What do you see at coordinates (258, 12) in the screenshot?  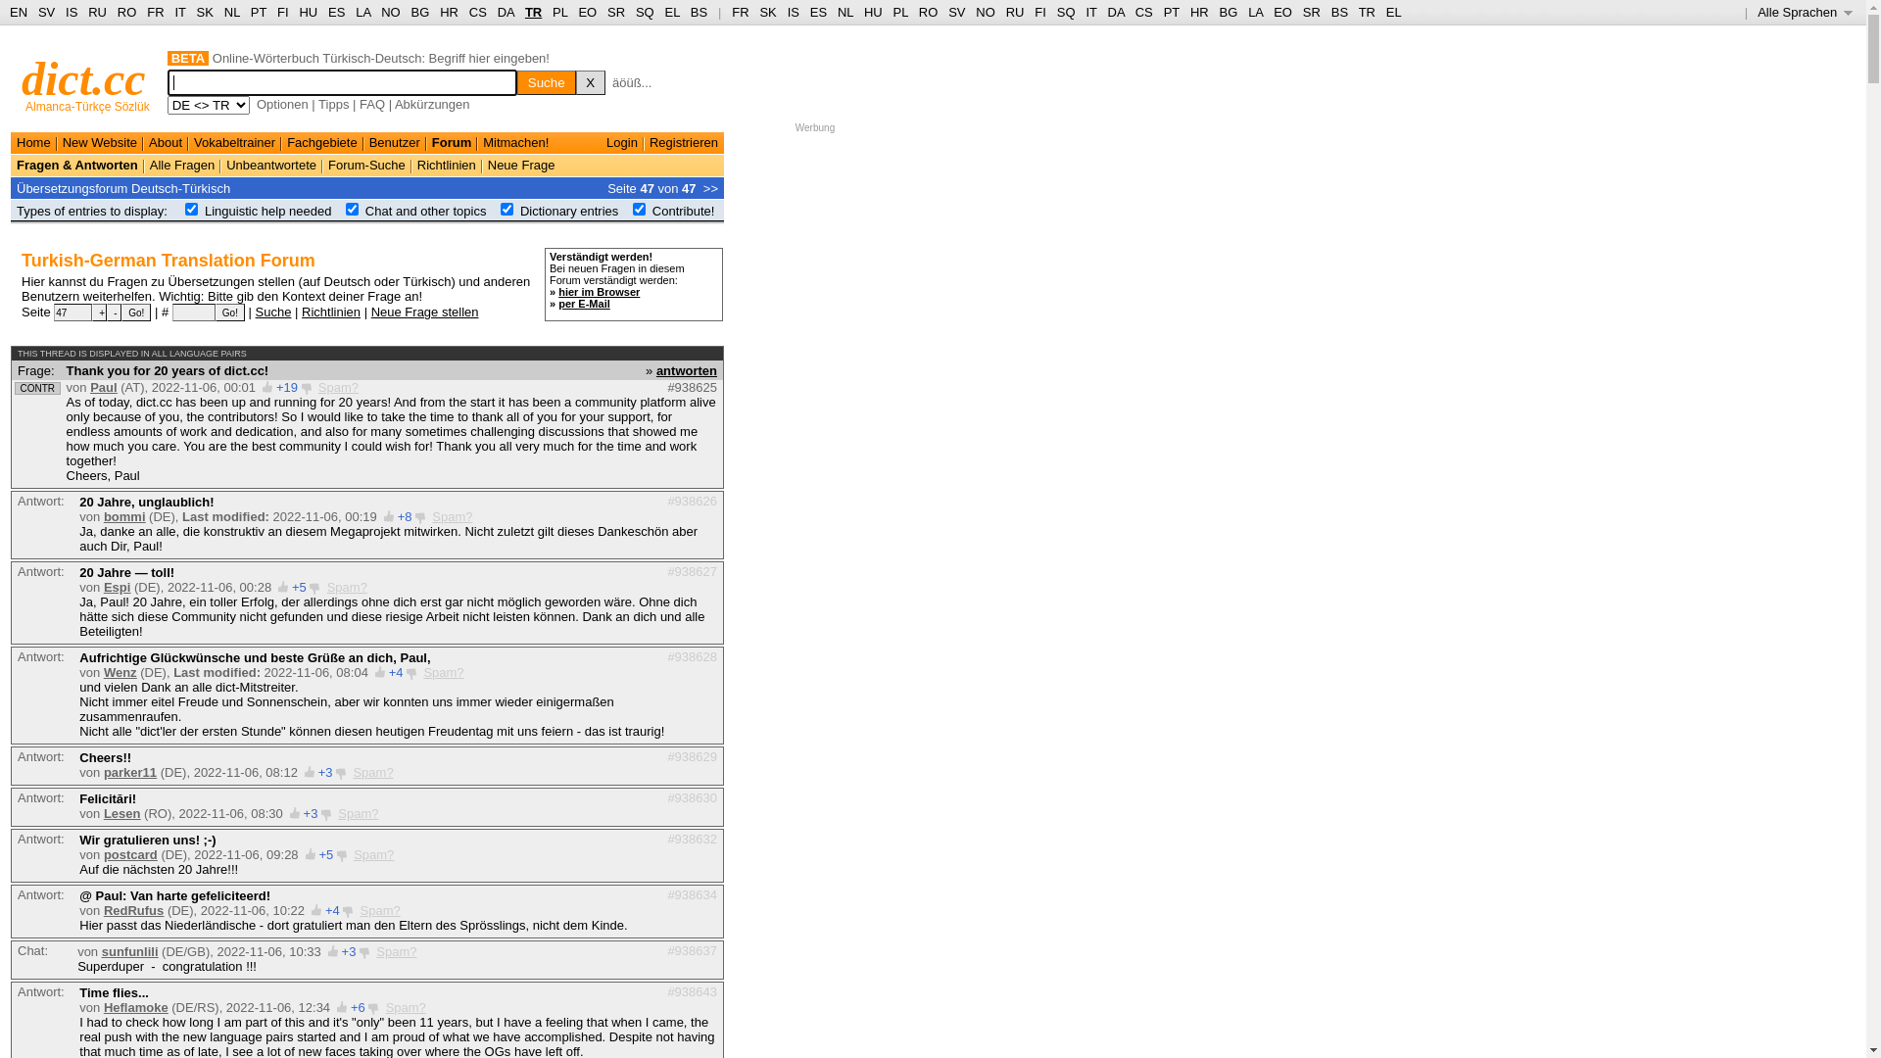 I see `'PT'` at bounding box center [258, 12].